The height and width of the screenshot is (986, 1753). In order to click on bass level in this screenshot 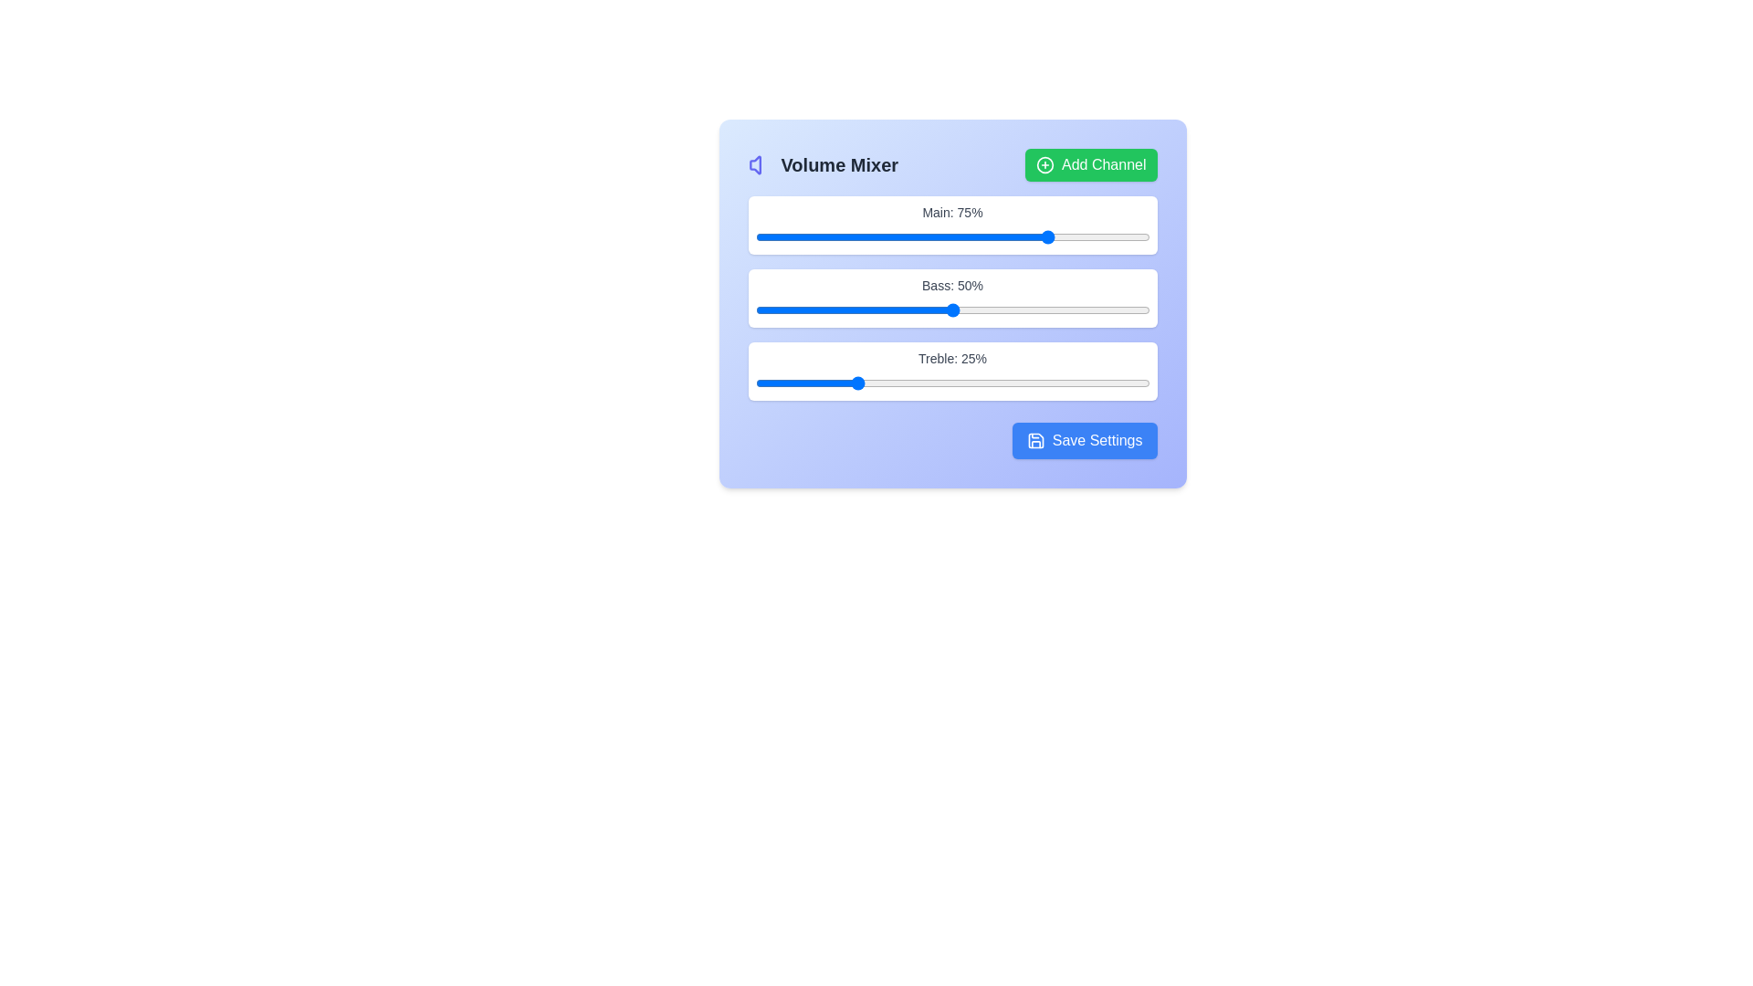, I will do `click(929, 309)`.